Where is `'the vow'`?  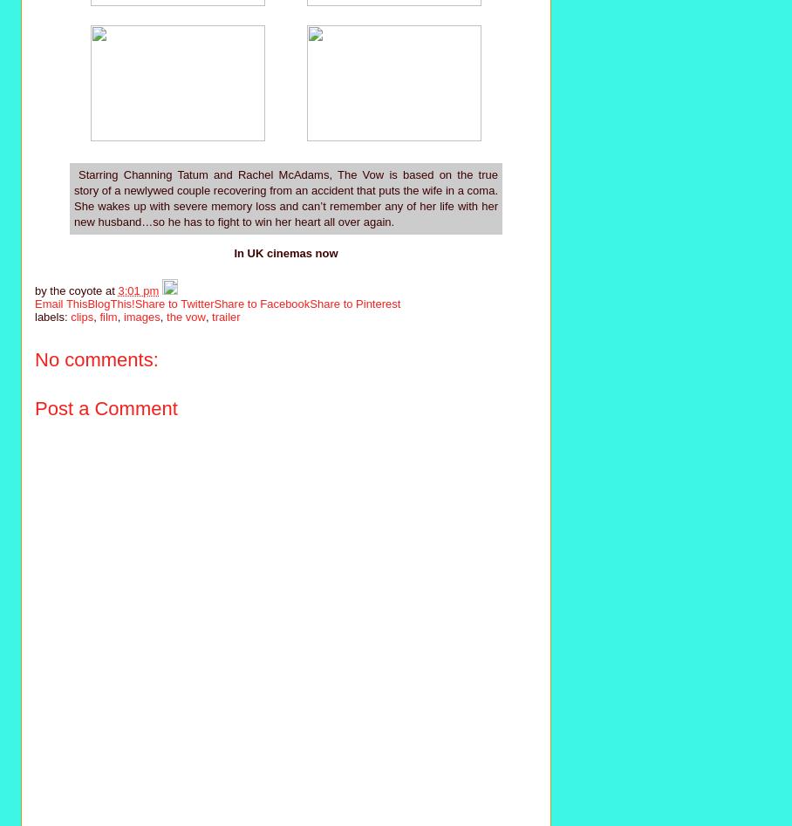
'the vow' is located at coordinates (186, 316).